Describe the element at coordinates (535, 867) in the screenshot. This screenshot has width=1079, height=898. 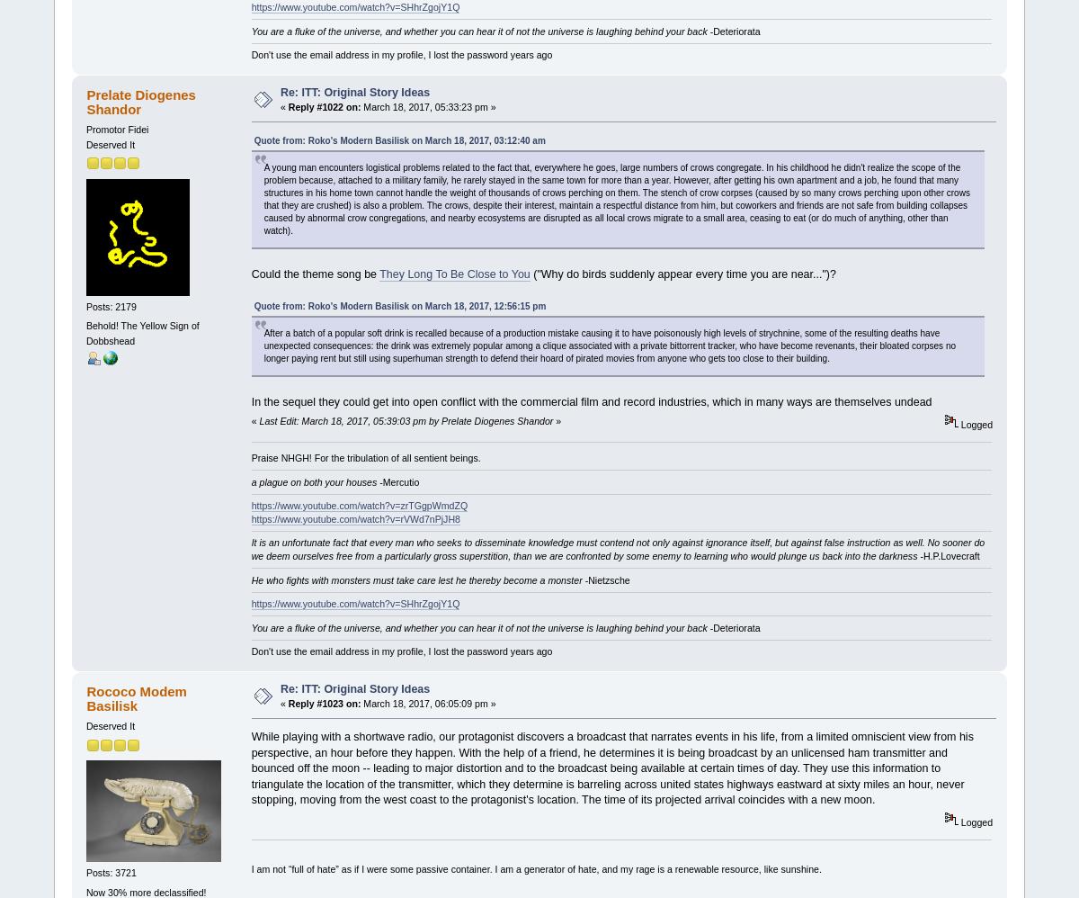
I see `'I am not “full of hate” as if I were some passive container. I am a generator of hate, and my rage is a renewable resource, like sunshine.'` at that location.